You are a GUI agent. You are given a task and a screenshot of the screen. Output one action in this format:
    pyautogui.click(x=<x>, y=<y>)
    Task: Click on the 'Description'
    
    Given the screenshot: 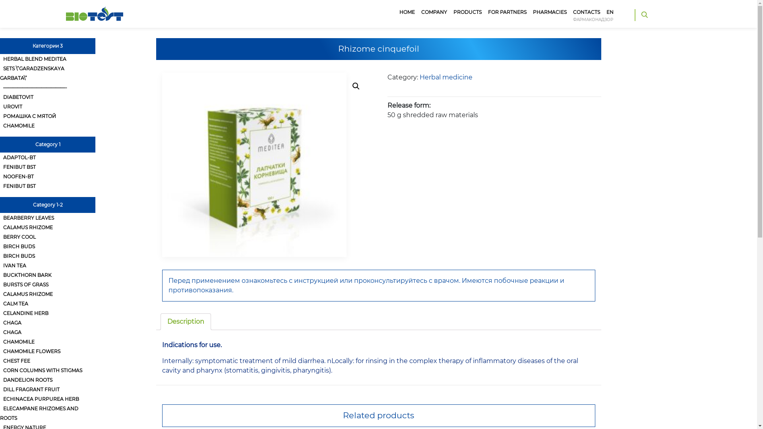 What is the action you would take?
    pyautogui.click(x=185, y=322)
    